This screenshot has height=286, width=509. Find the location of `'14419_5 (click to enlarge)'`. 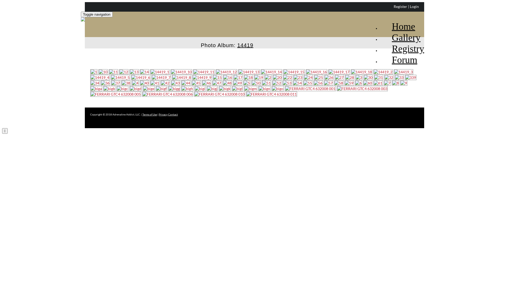

'14419_5 (click to enlarge)' is located at coordinates (120, 77).